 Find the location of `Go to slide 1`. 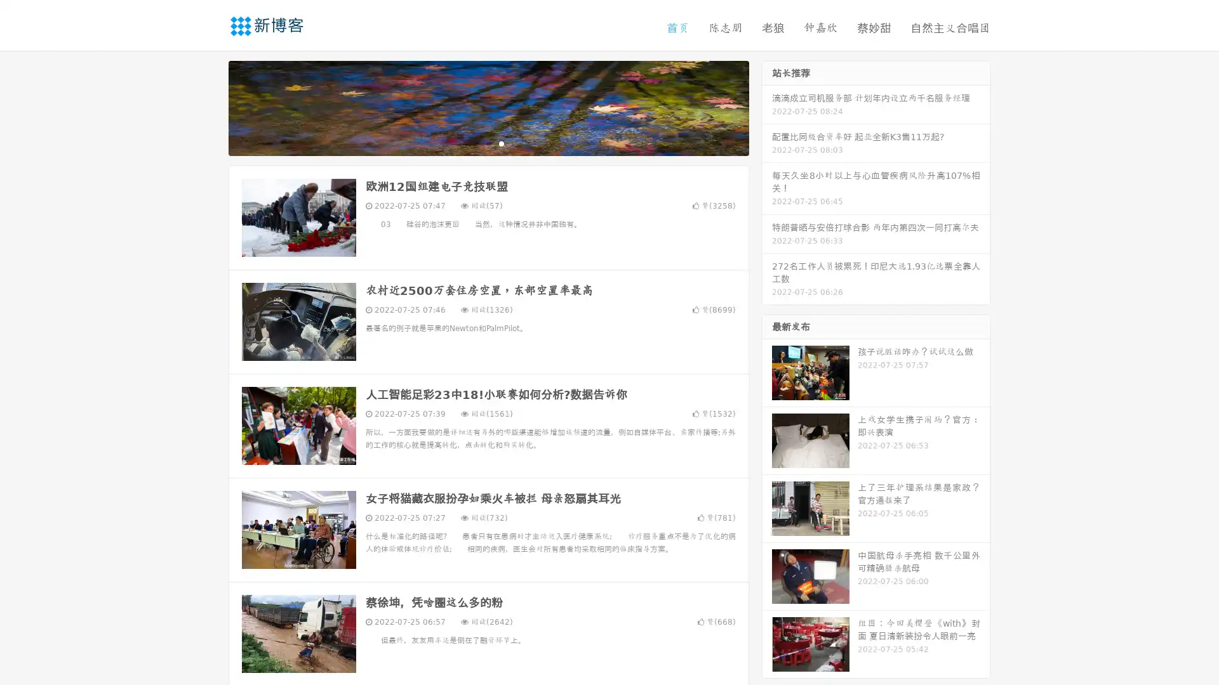

Go to slide 1 is located at coordinates (475, 143).